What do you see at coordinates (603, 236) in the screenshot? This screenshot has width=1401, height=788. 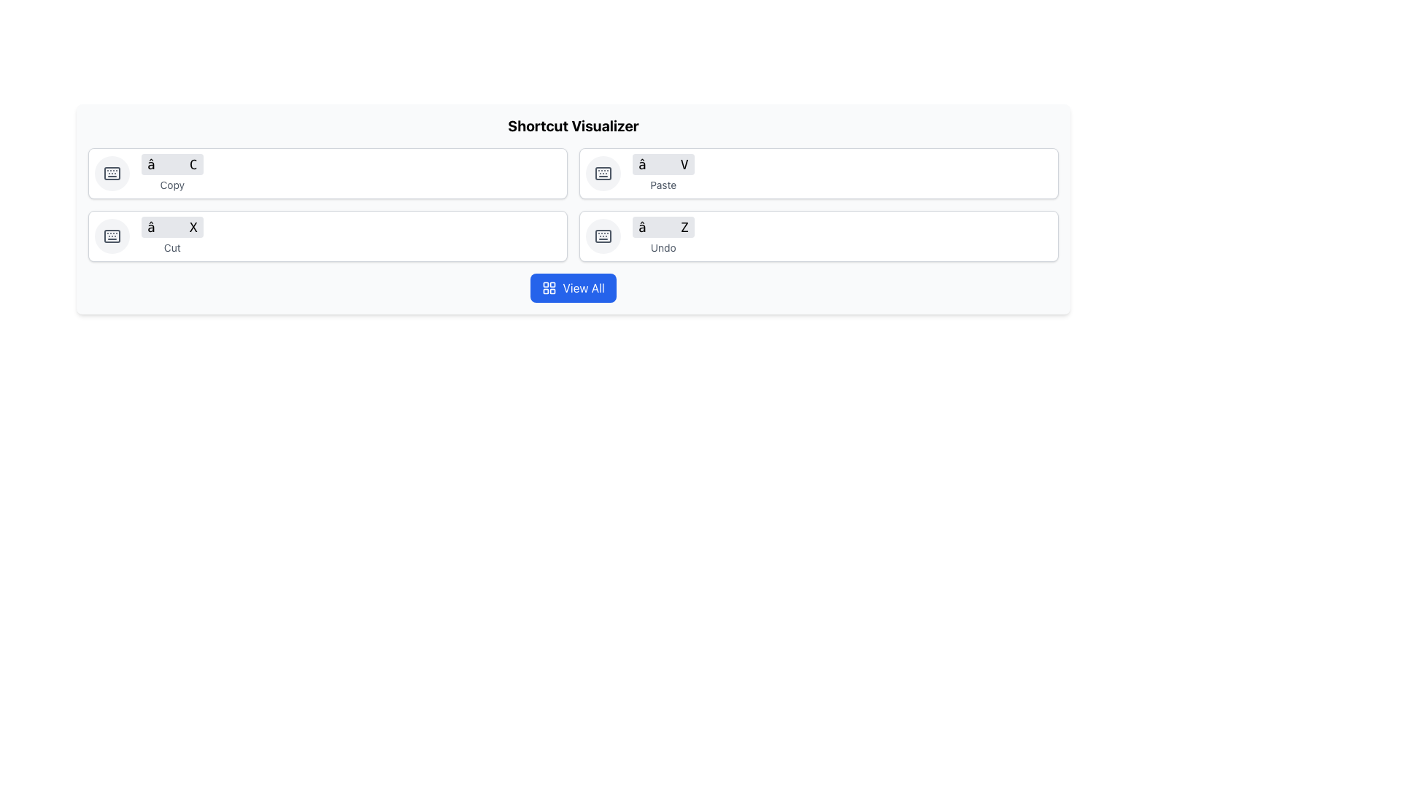 I see `the circular gray Icon button with a keyboard icon in the center` at bounding box center [603, 236].